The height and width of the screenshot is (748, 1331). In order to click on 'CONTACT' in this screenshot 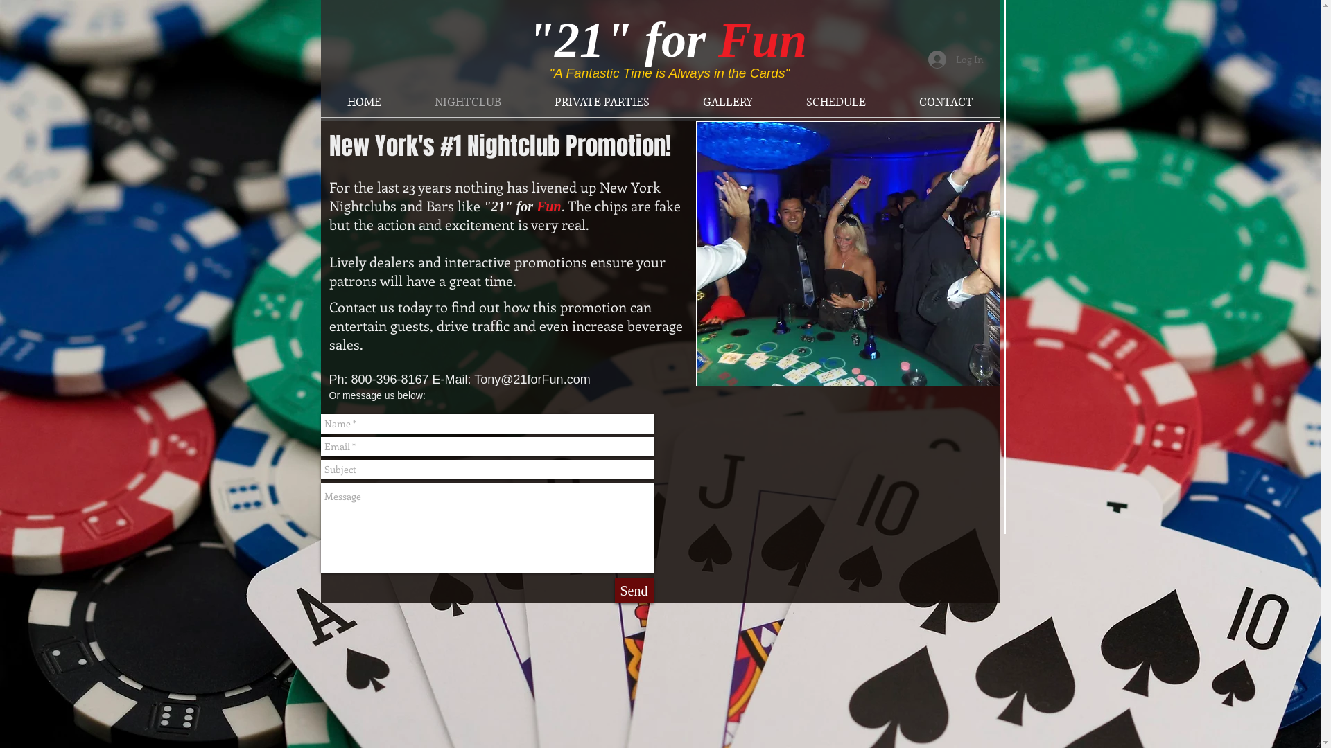, I will do `click(892, 101)`.